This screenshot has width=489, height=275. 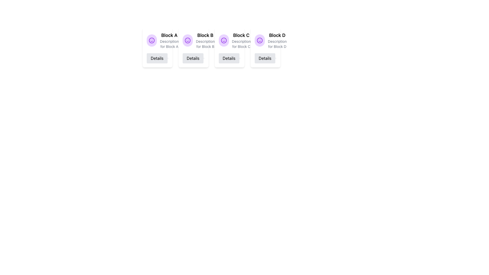 What do you see at coordinates (169, 40) in the screenshot?
I see `the Text Display element that contains 'Block A' in bold and 'Description for Block A' in light gray, located in the first card from the left` at bounding box center [169, 40].